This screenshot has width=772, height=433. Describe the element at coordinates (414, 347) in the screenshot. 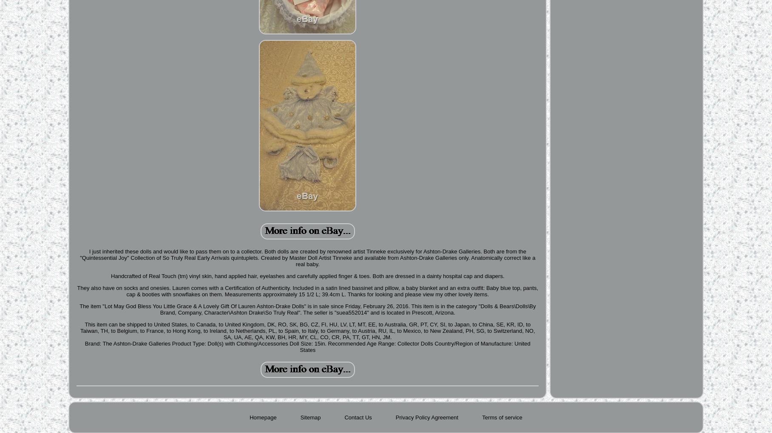

I see `'Country/Region of Manufacture: United States'` at that location.